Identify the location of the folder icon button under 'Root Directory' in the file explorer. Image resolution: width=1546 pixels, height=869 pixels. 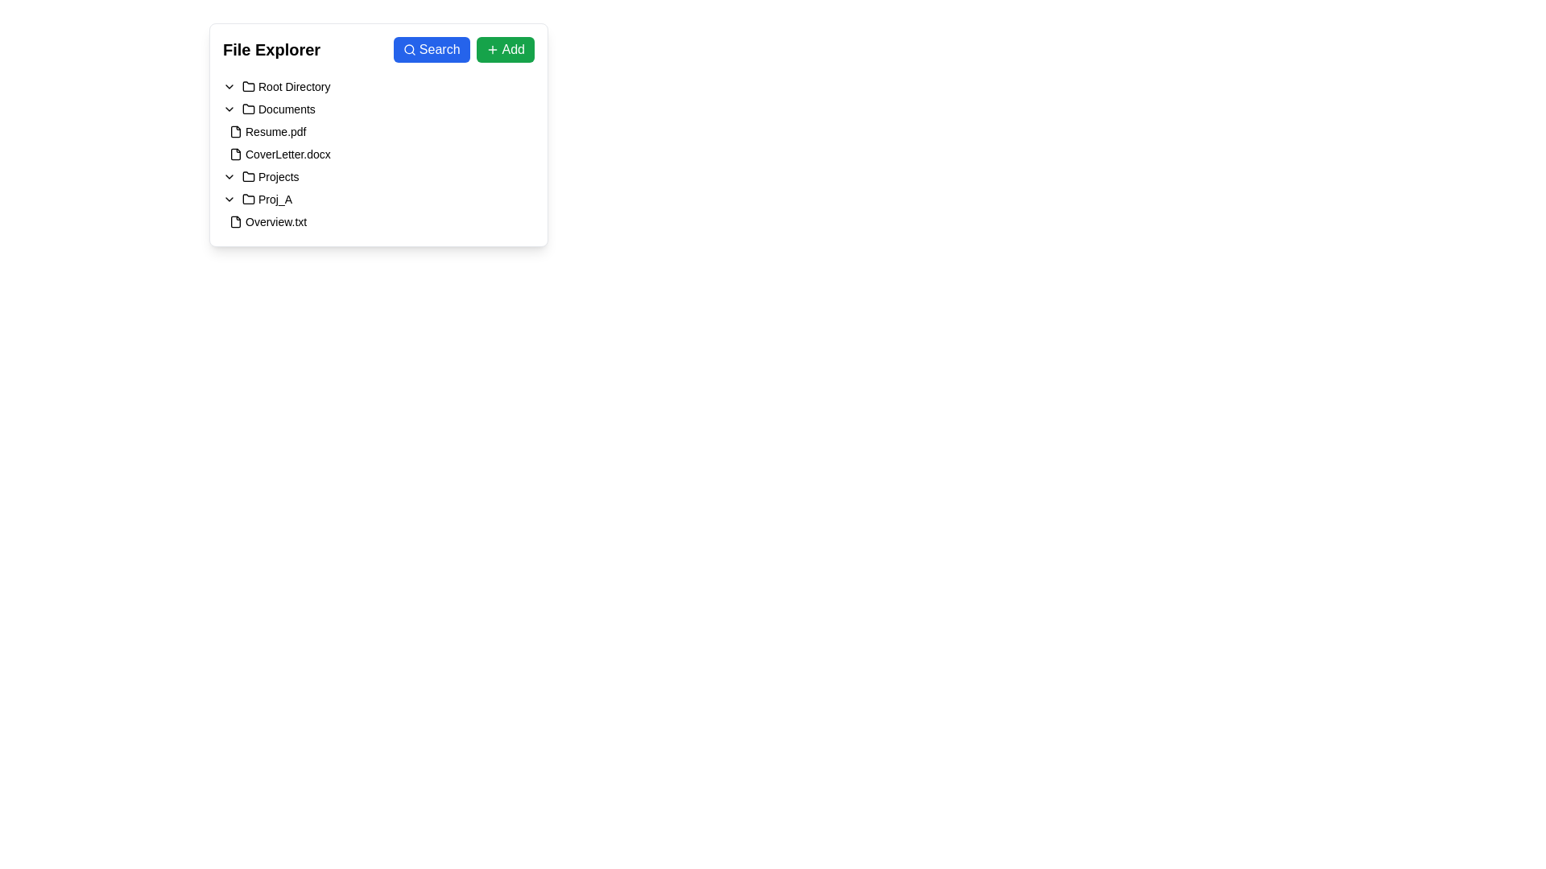
(247, 86).